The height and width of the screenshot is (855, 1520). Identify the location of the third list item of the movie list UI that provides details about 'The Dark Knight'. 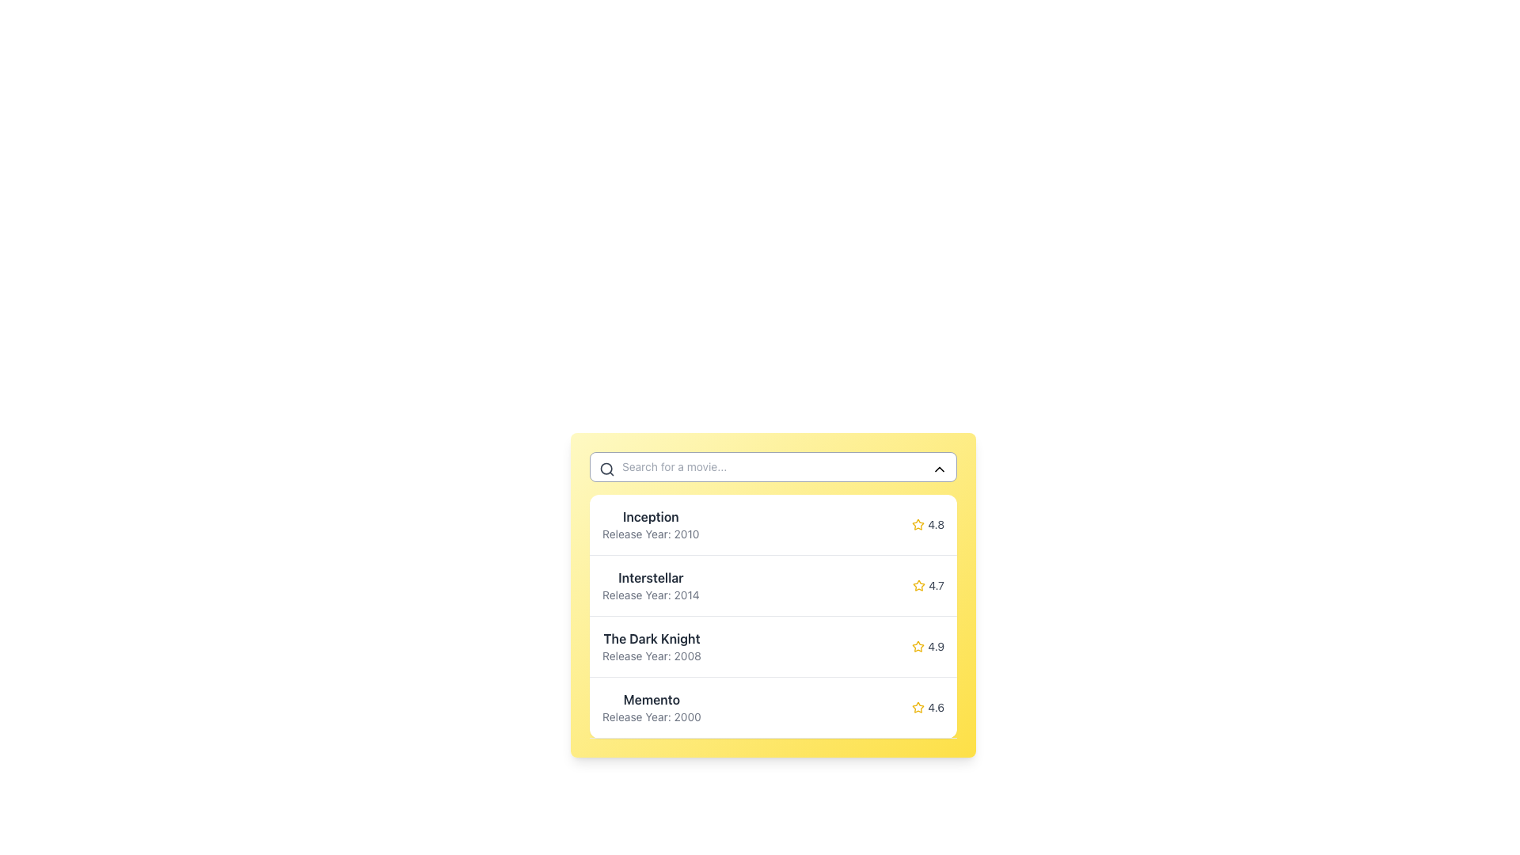
(773, 647).